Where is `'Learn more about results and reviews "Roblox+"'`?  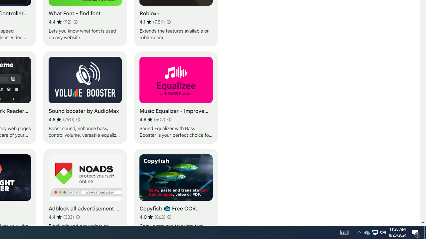
'Learn more about results and reviews "Roblox+"' is located at coordinates (168, 21).